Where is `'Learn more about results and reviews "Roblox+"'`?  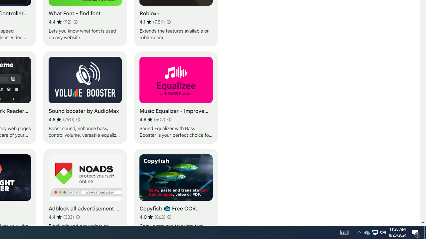
'Learn more about results and reviews "Roblox+"' is located at coordinates (168, 21).